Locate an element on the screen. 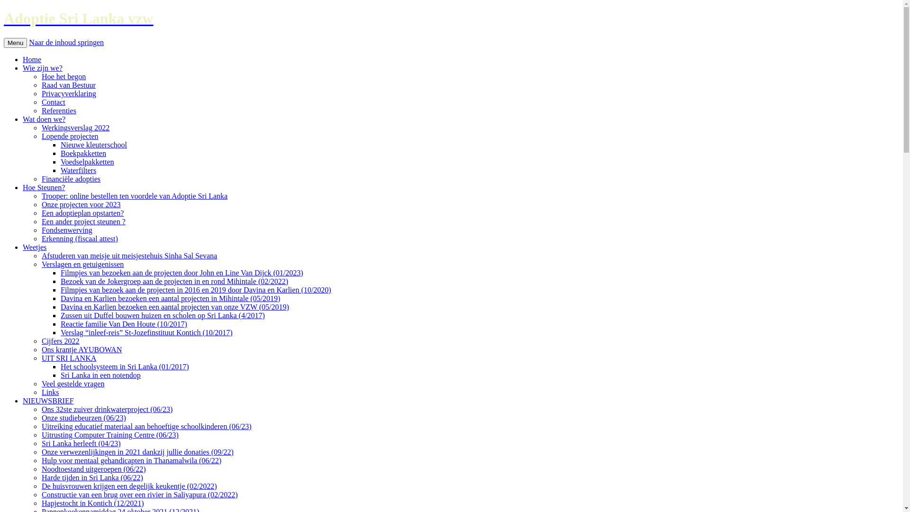 The width and height of the screenshot is (910, 512). 'Contact' is located at coordinates (53, 102).